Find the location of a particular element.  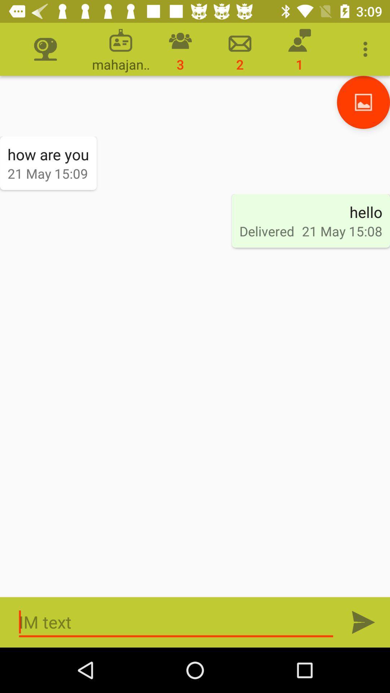

the wallpaper icon is located at coordinates (363, 102).